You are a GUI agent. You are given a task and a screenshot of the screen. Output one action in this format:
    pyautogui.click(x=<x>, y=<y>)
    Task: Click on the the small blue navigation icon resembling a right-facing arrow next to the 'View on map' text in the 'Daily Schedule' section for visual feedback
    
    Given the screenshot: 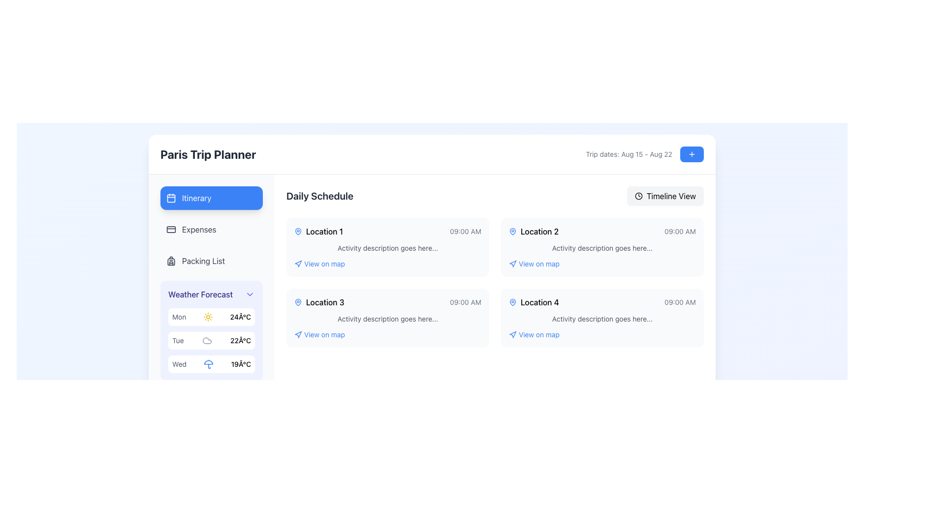 What is the action you would take?
    pyautogui.click(x=297, y=334)
    